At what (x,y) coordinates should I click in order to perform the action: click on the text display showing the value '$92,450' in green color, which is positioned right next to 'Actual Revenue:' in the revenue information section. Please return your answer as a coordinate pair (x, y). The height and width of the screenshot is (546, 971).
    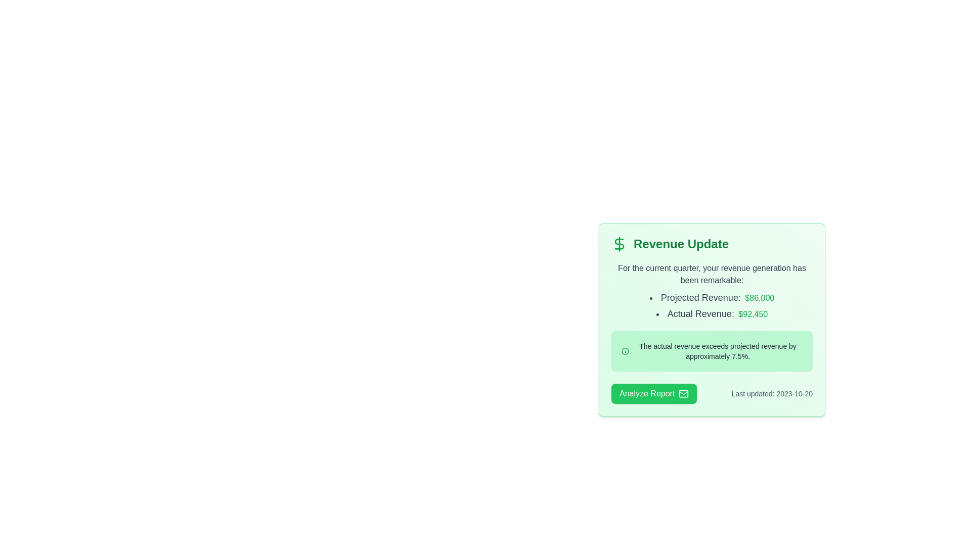
    Looking at the image, I should click on (753, 313).